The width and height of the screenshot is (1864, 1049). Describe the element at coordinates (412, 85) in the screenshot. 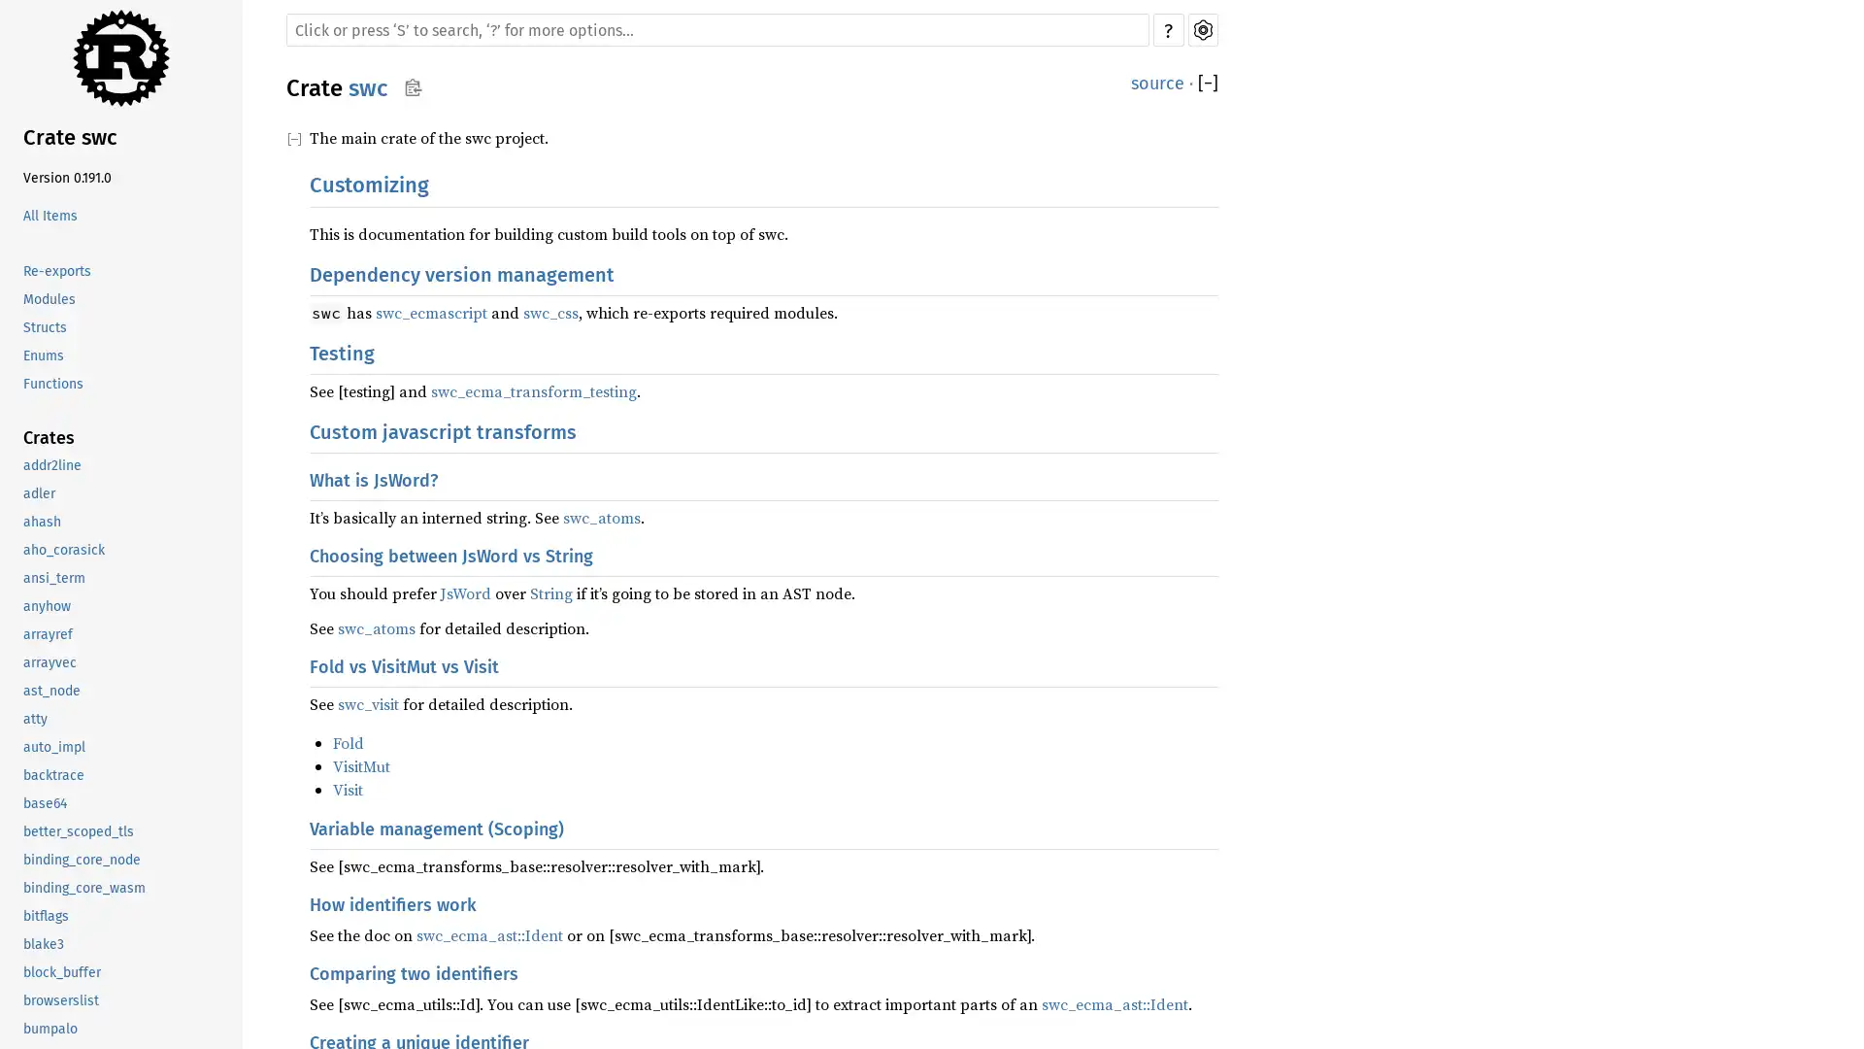

I see `Copy item path` at that location.